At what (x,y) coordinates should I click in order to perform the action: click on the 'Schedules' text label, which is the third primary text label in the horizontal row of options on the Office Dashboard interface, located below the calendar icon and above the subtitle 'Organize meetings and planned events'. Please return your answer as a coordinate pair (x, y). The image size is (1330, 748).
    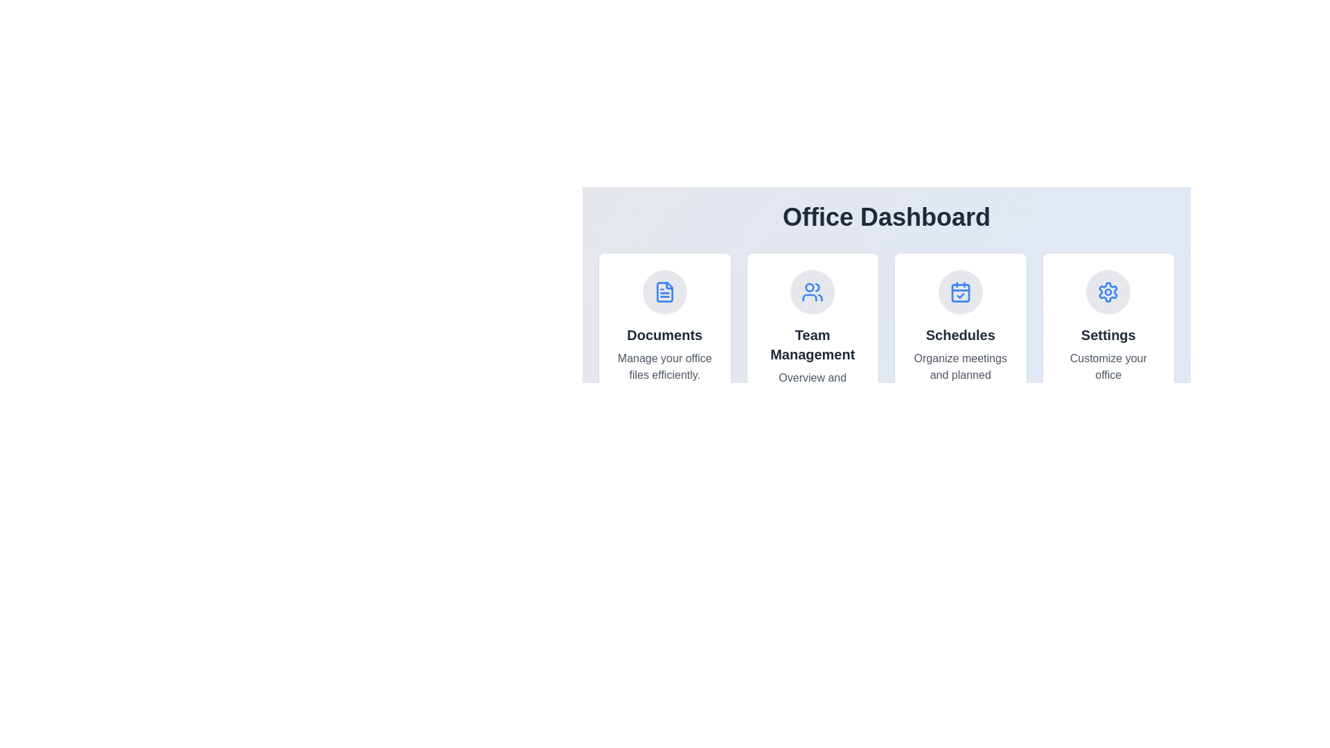
    Looking at the image, I should click on (959, 335).